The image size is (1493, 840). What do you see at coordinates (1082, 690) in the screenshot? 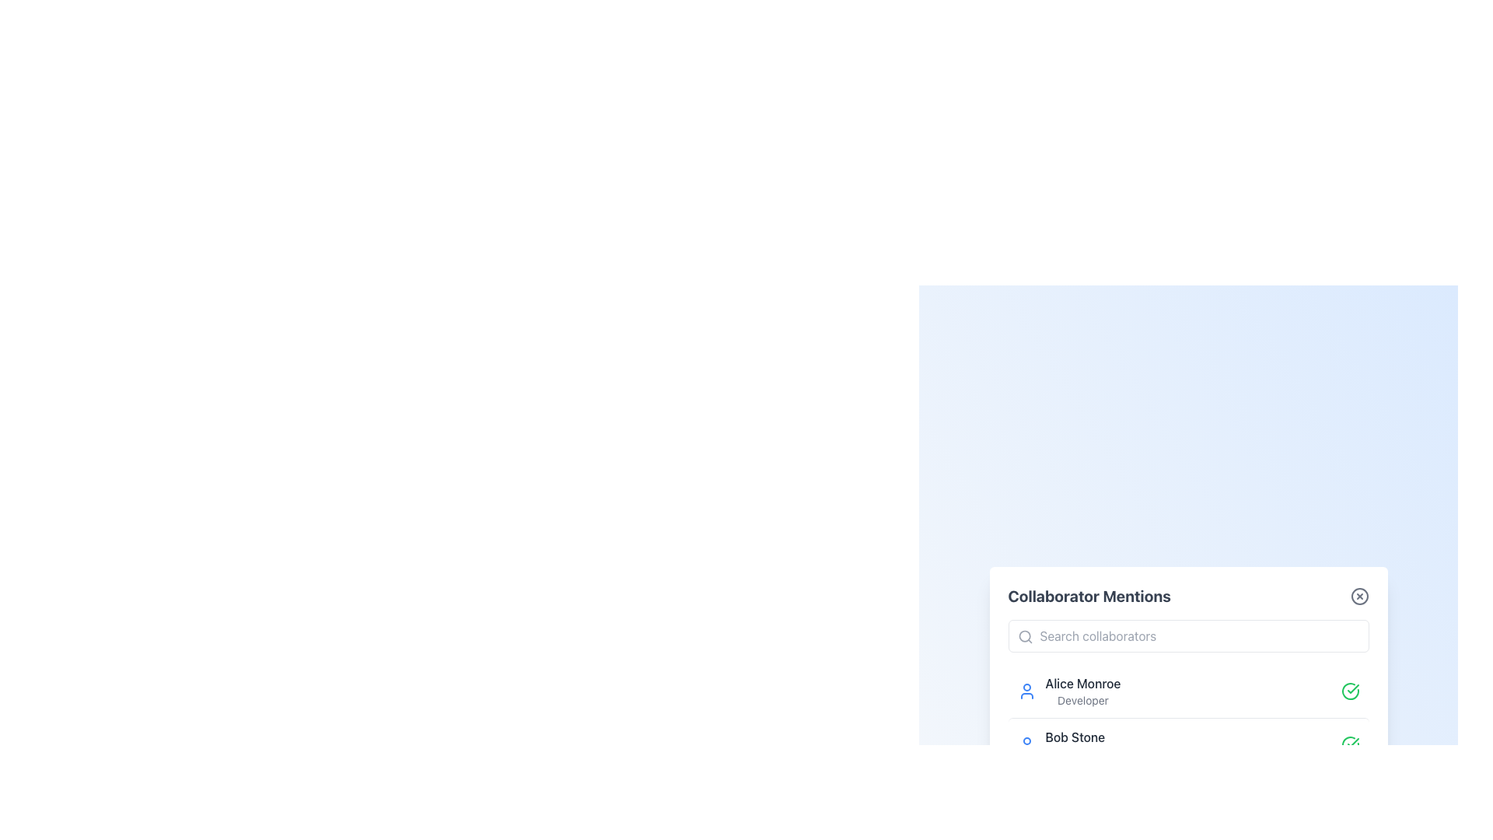
I see `the text block displaying 'Alice Monroe' and 'Developer' within the 'Collaborator Mentions' section` at bounding box center [1082, 690].